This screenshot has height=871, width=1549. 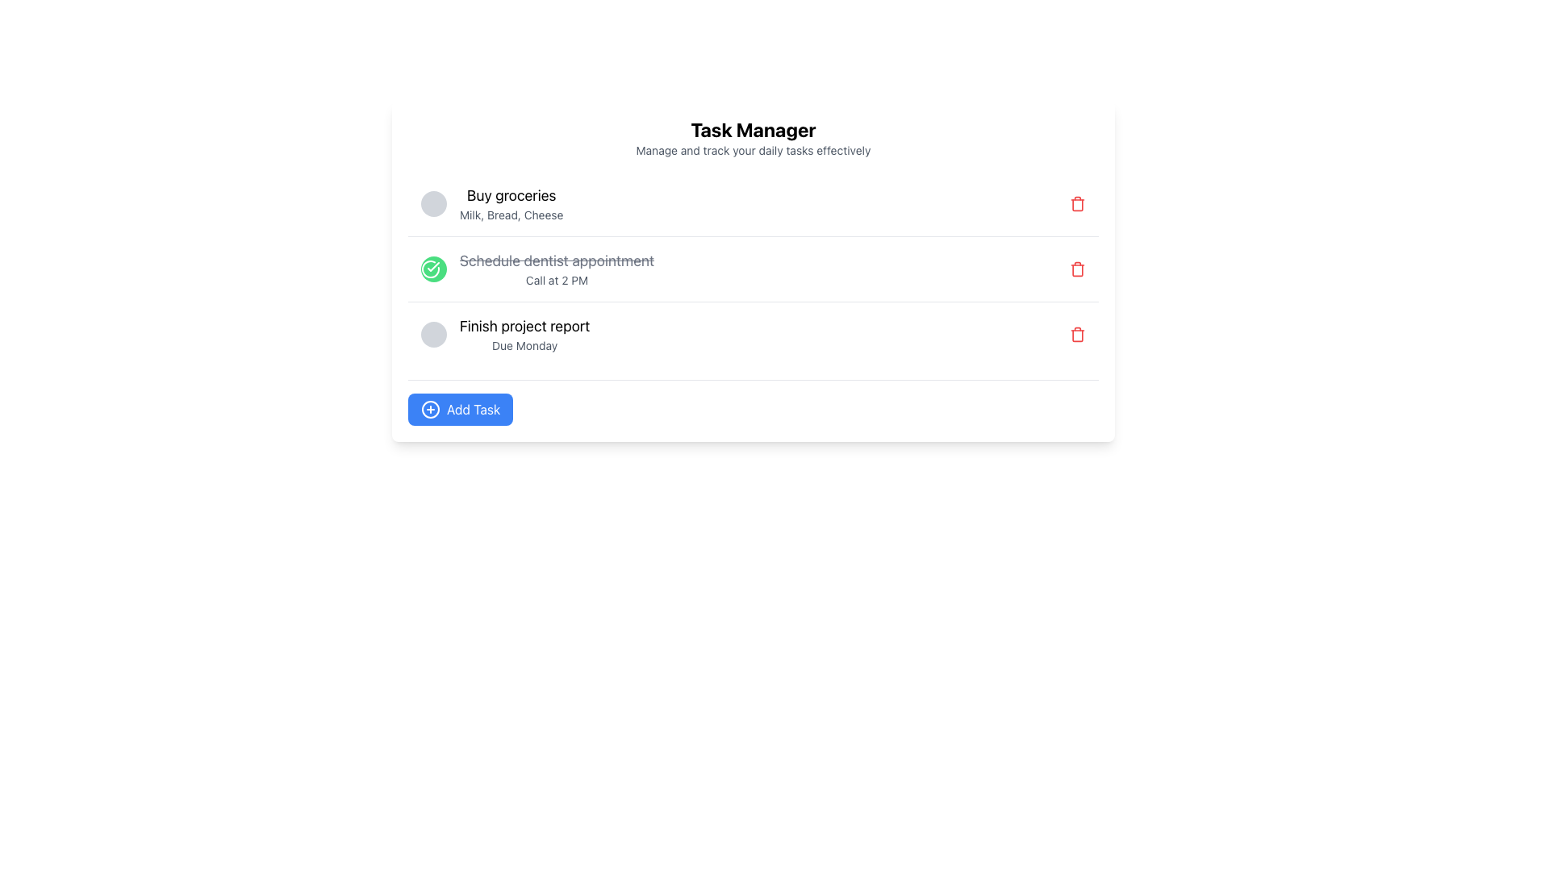 I want to click on the third task card in the task list, so click(x=753, y=332).